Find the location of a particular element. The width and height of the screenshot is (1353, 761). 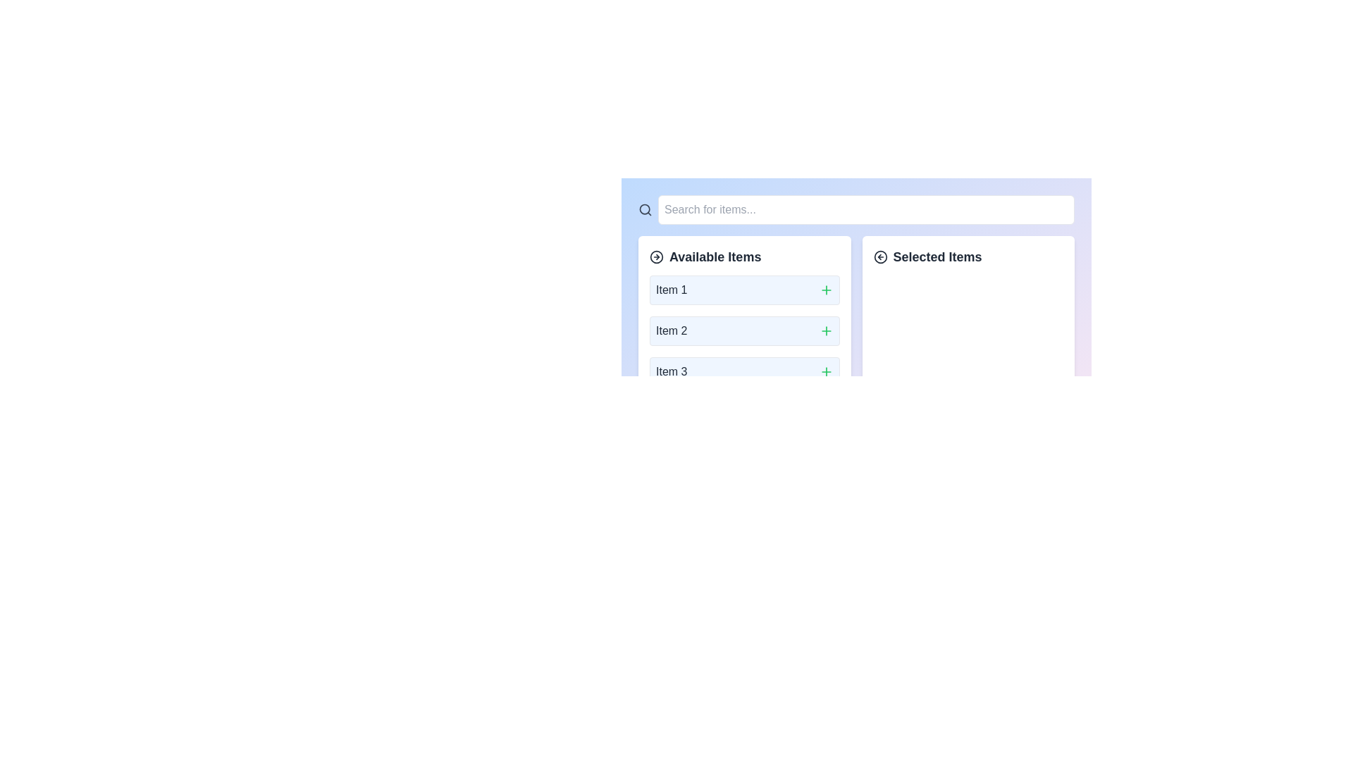

the icon located in the 'Available Items' section, which is positioned to the left of the title text is located at coordinates (655, 257).